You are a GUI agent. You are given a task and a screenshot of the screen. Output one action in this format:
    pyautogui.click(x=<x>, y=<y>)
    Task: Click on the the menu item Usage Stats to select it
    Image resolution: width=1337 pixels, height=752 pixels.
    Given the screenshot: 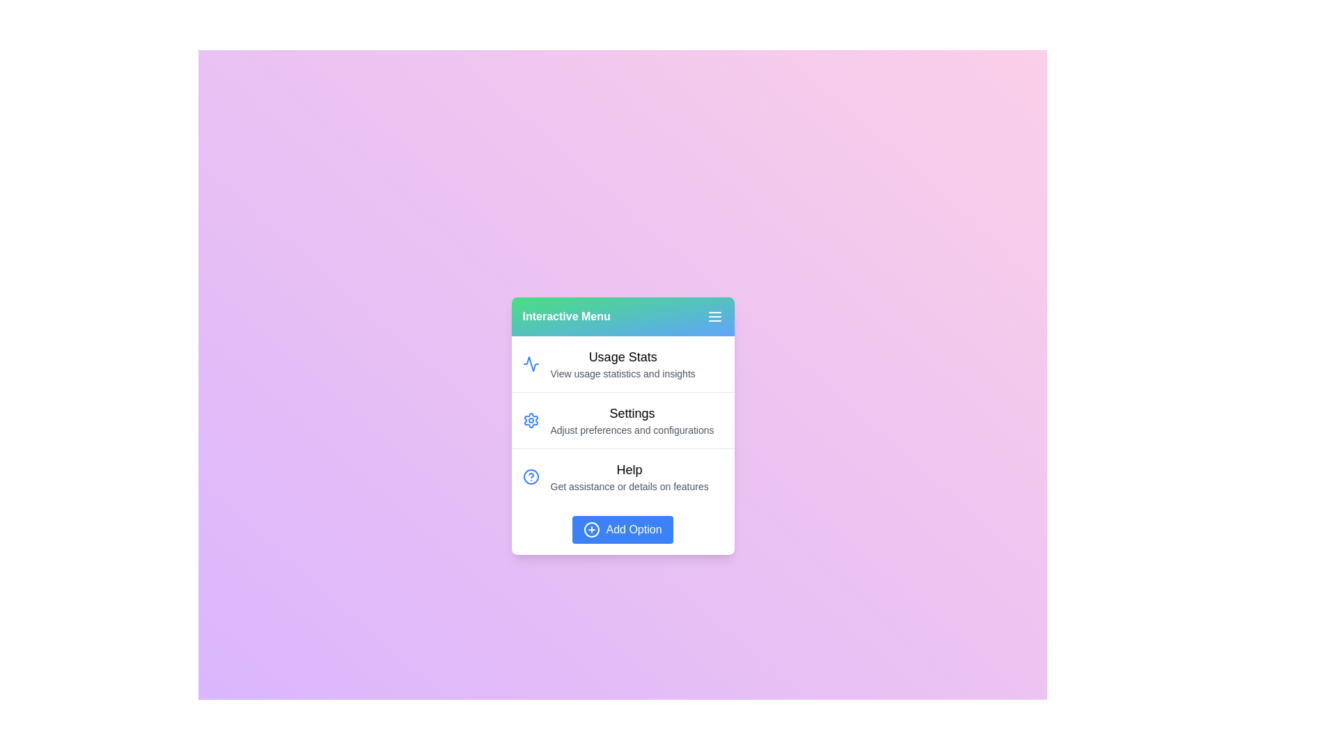 What is the action you would take?
    pyautogui.click(x=622, y=363)
    